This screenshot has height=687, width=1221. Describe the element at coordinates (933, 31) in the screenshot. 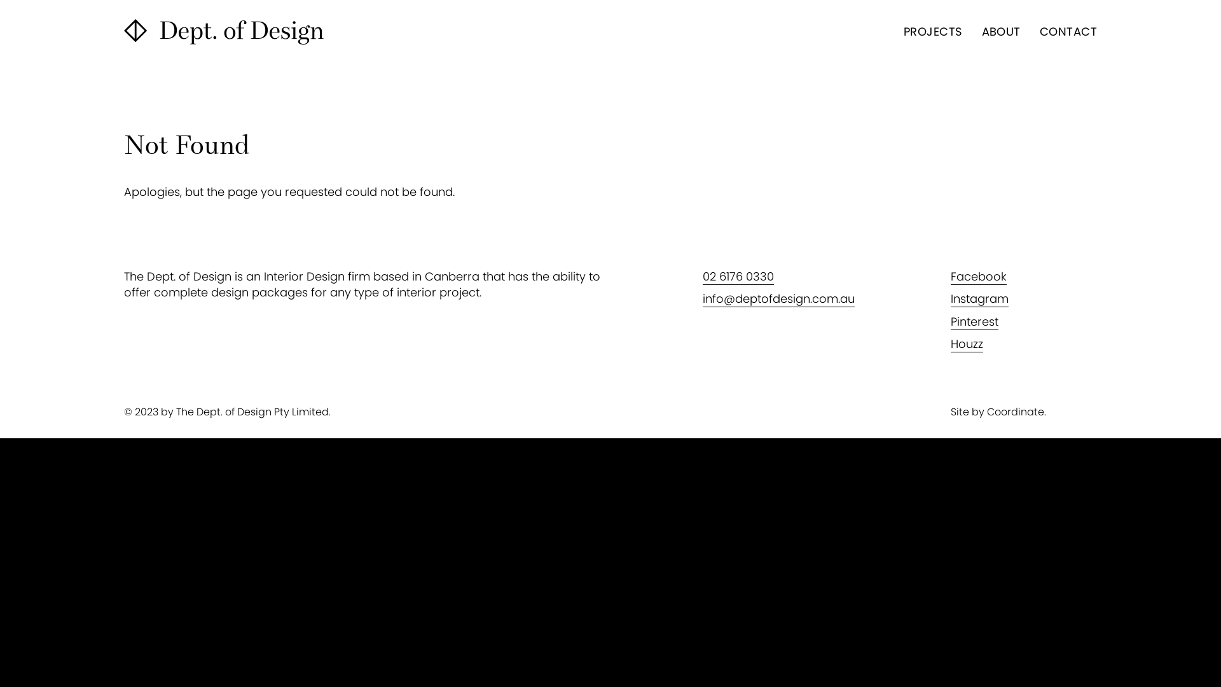

I see `'PROJECTS'` at that location.